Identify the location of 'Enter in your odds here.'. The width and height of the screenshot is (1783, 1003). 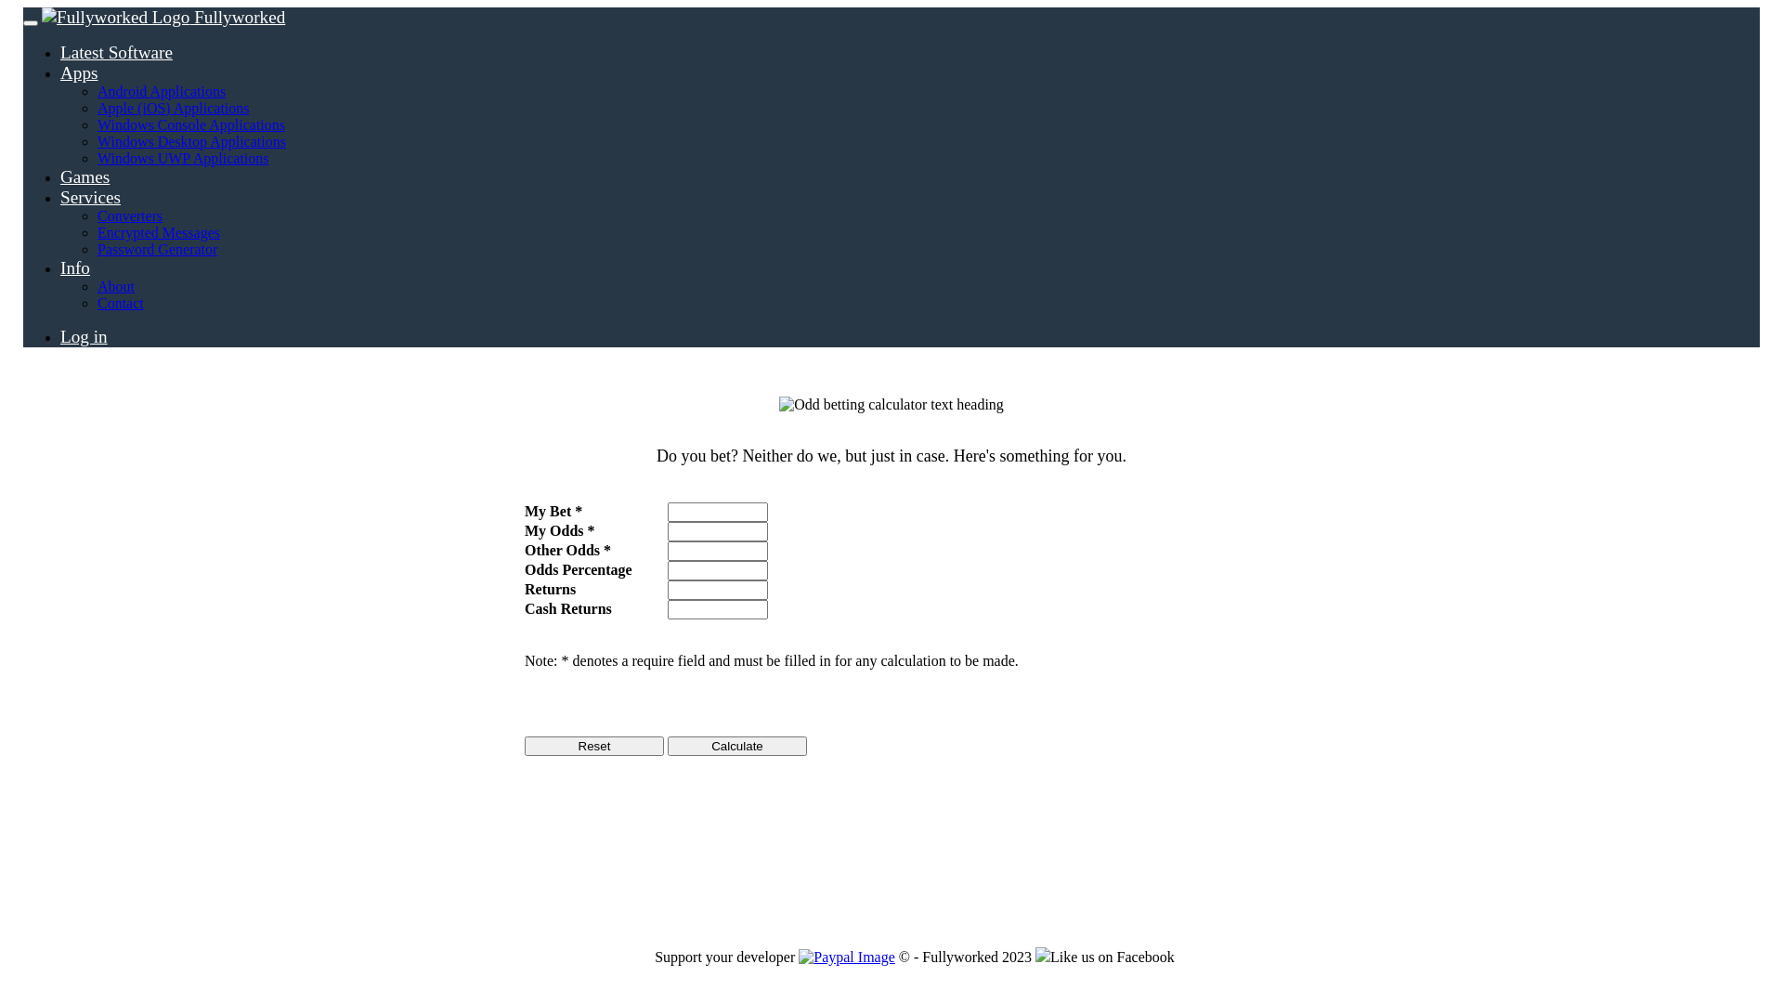
(716, 531).